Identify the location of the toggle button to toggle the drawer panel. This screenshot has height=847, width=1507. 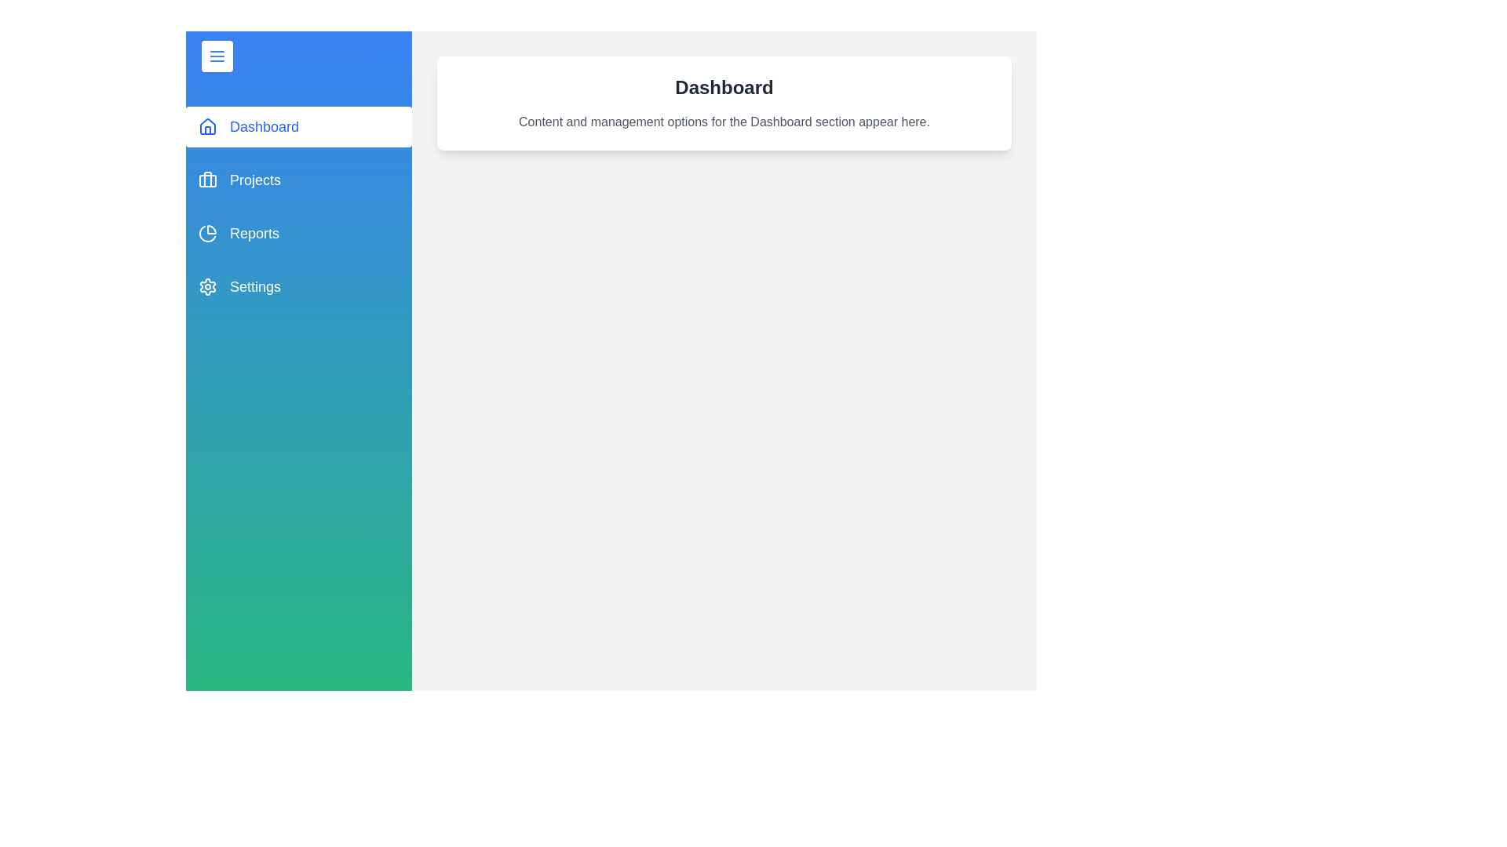
(217, 56).